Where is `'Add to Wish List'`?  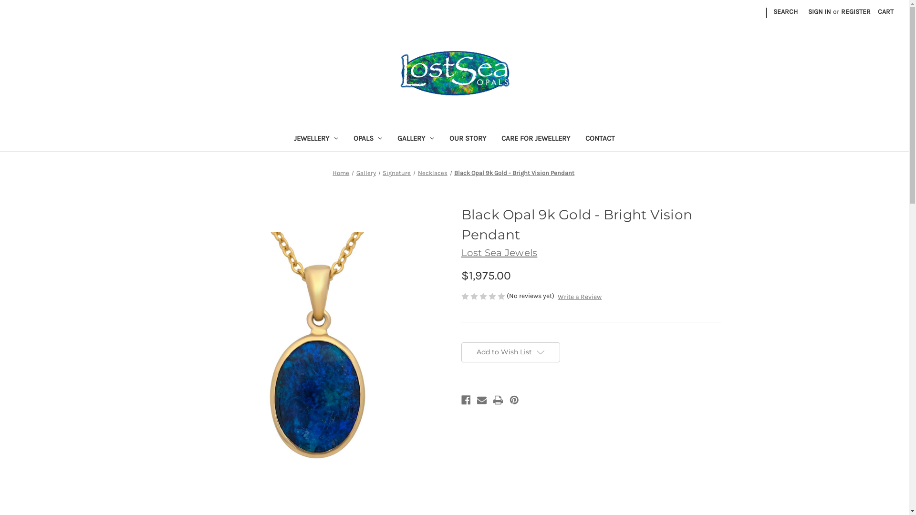 'Add to Wish List' is located at coordinates (510, 352).